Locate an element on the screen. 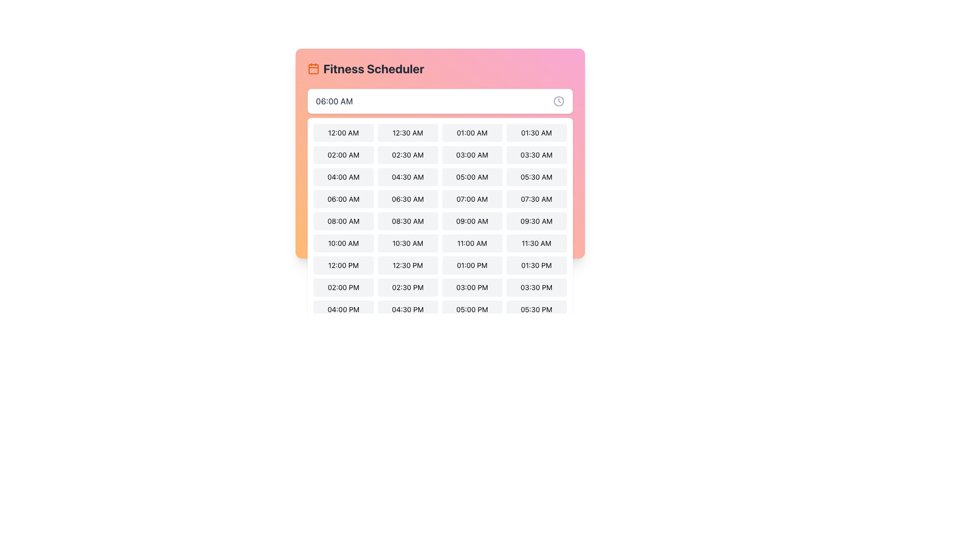  the button labeled '03:30 PM' located in the 4th column of the 8th row of the time slots grid in the Fitness Scheduler panel is located at coordinates (536, 288).